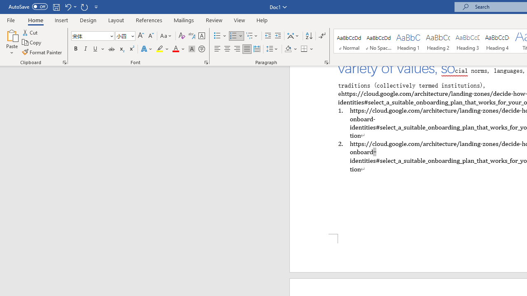 This screenshot has height=296, width=527. Describe the element at coordinates (12, 42) in the screenshot. I see `'Paste'` at that location.